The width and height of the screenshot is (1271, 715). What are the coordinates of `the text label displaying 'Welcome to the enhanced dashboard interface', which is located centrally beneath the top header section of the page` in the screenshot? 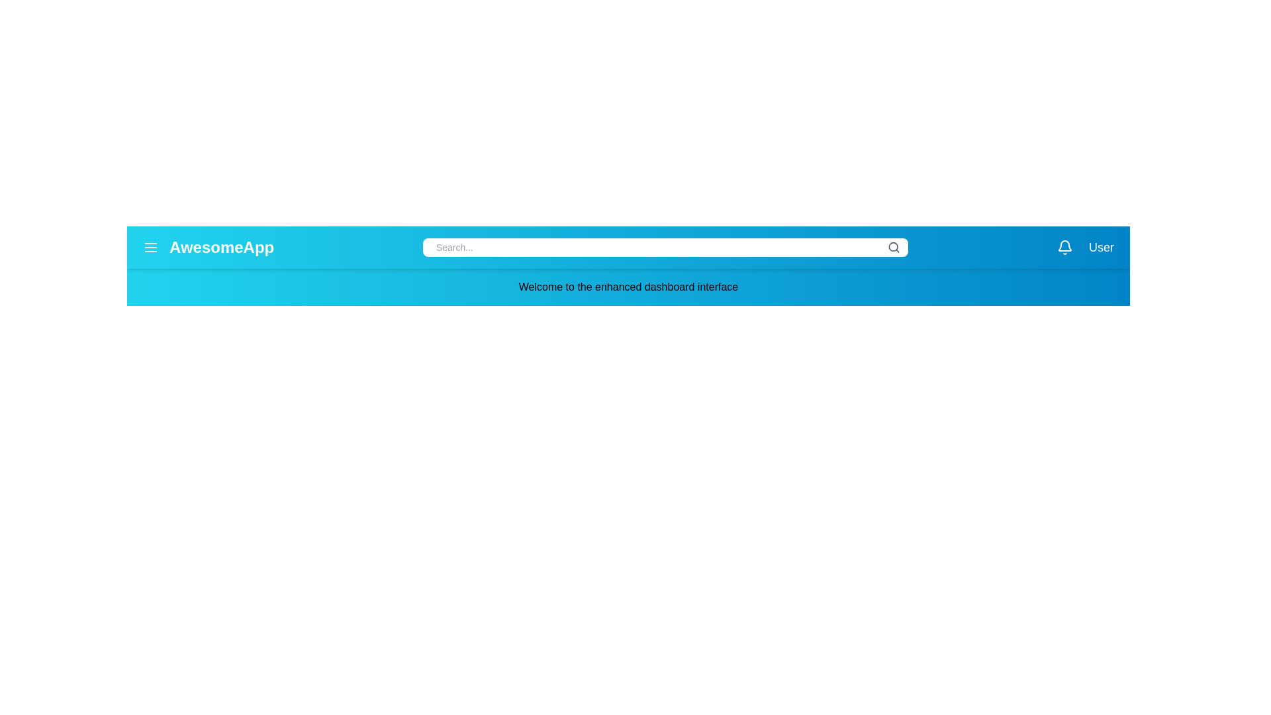 It's located at (628, 287).